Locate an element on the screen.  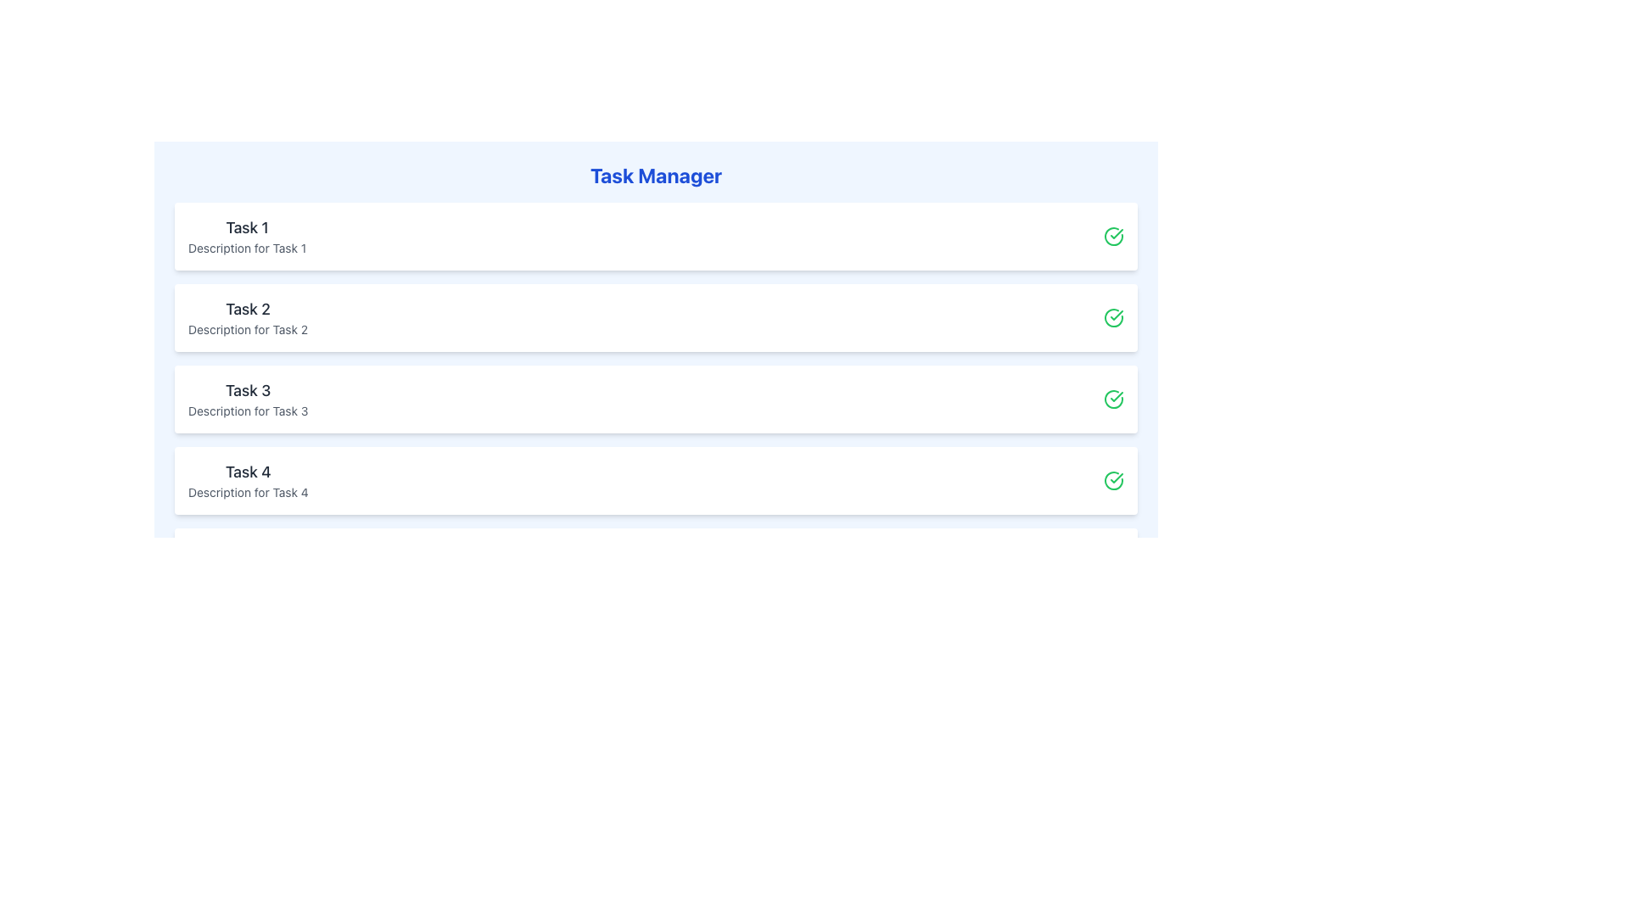
the text label that serves as the title for the task or item entry, located above the 'Description for Task 2' text in the second card of the vertical list is located at coordinates (247, 310).